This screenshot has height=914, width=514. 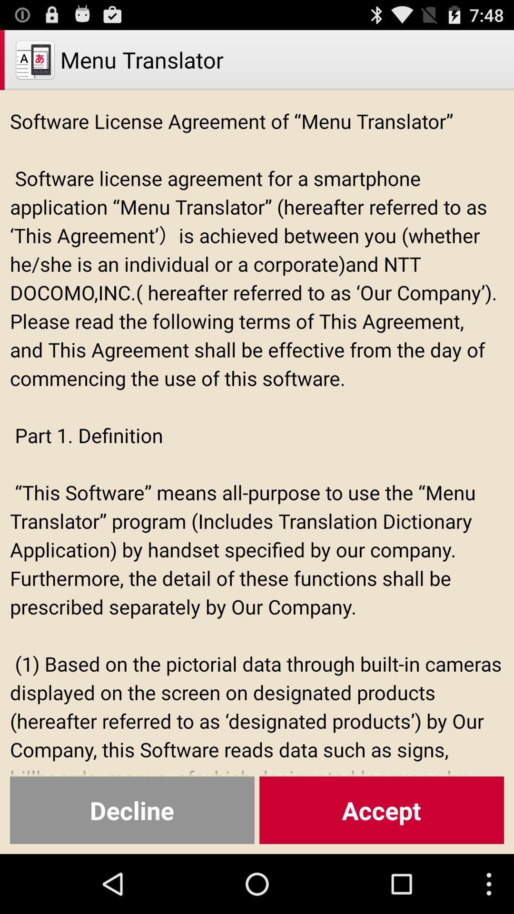 What do you see at coordinates (381, 810) in the screenshot?
I see `accept icon` at bounding box center [381, 810].